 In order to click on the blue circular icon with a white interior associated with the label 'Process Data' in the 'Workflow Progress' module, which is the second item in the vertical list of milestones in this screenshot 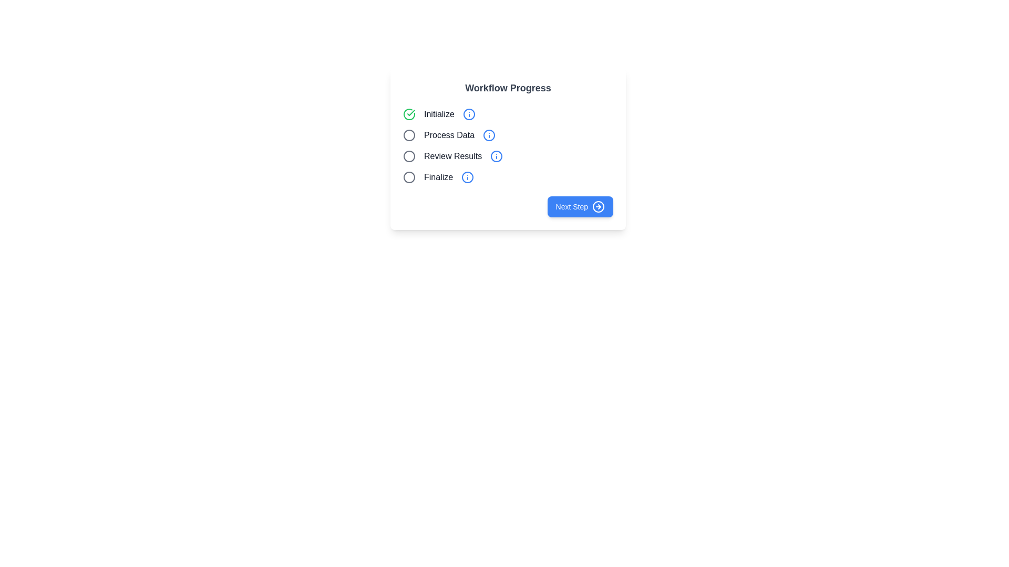, I will do `click(489, 135)`.